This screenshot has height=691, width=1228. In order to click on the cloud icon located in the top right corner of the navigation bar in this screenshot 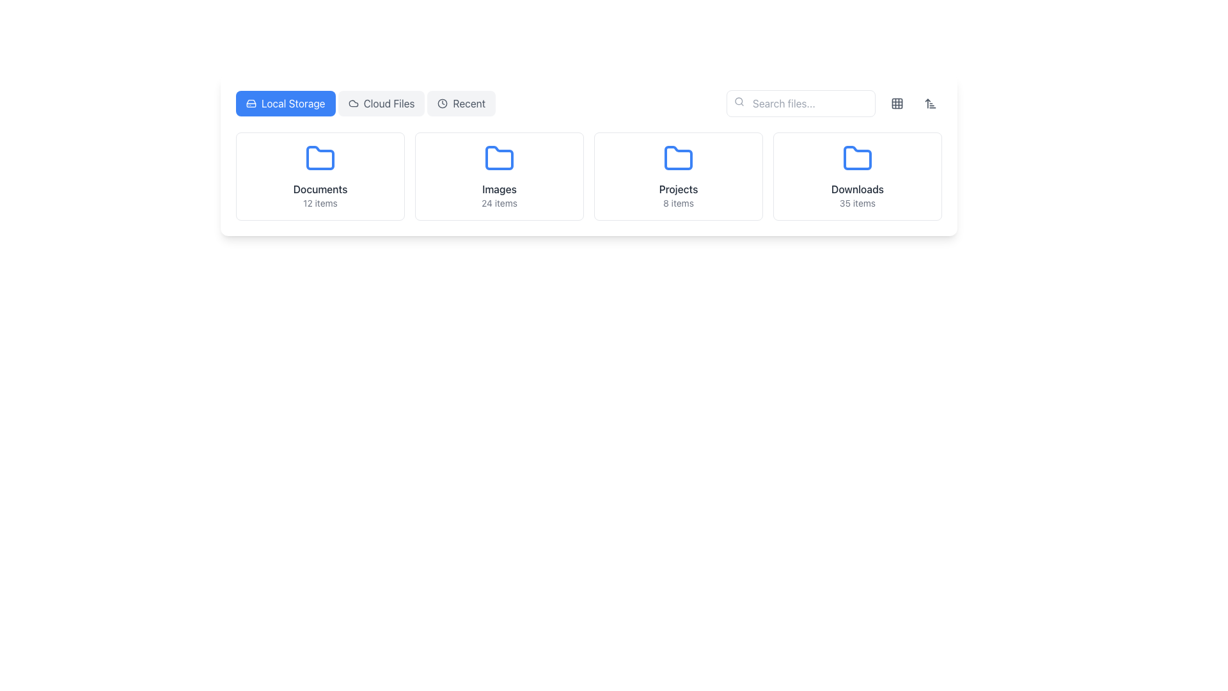, I will do `click(353, 103)`.